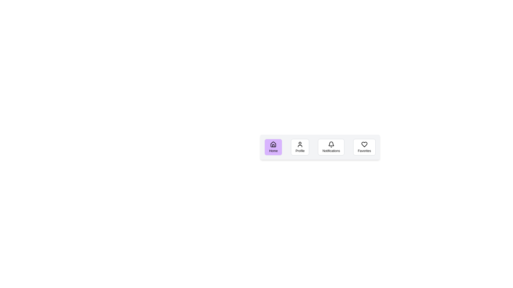 The height and width of the screenshot is (288, 513). Describe the element at coordinates (273, 147) in the screenshot. I see `the Home button to observe its hover effect` at that location.